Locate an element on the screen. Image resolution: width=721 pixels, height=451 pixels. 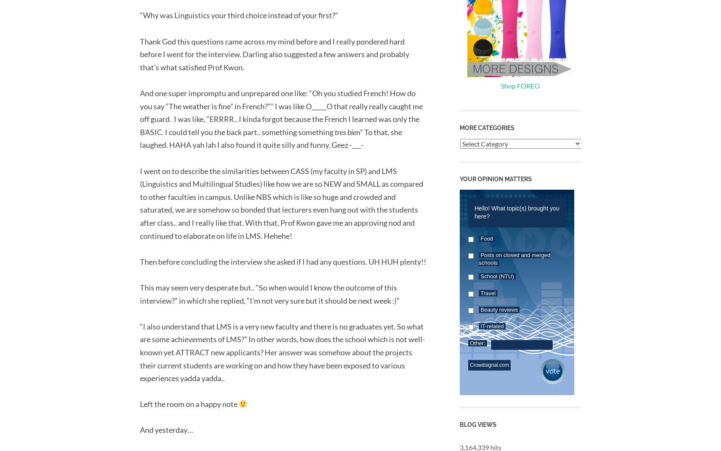
'Food' is located at coordinates (486, 238).